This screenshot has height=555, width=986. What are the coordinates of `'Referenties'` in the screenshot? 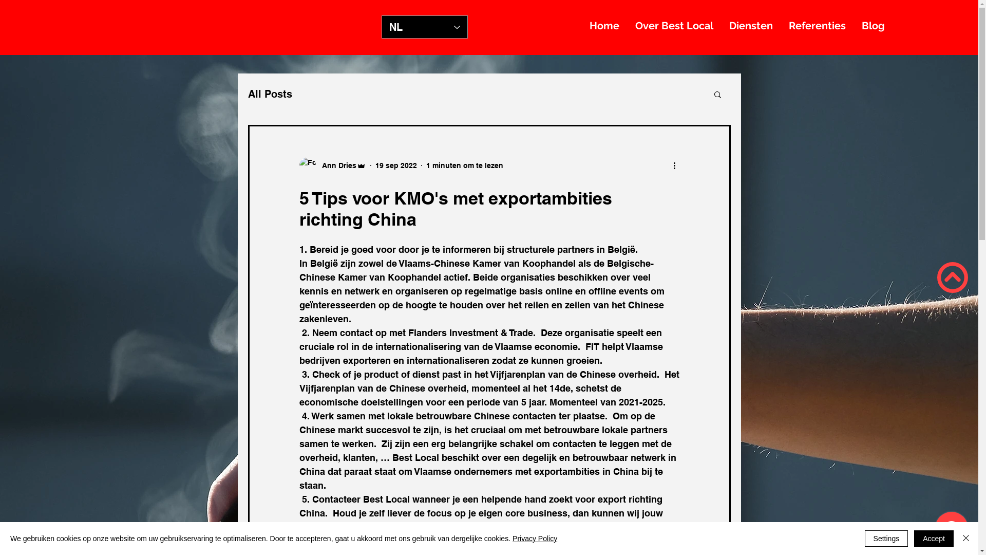 It's located at (817, 25).